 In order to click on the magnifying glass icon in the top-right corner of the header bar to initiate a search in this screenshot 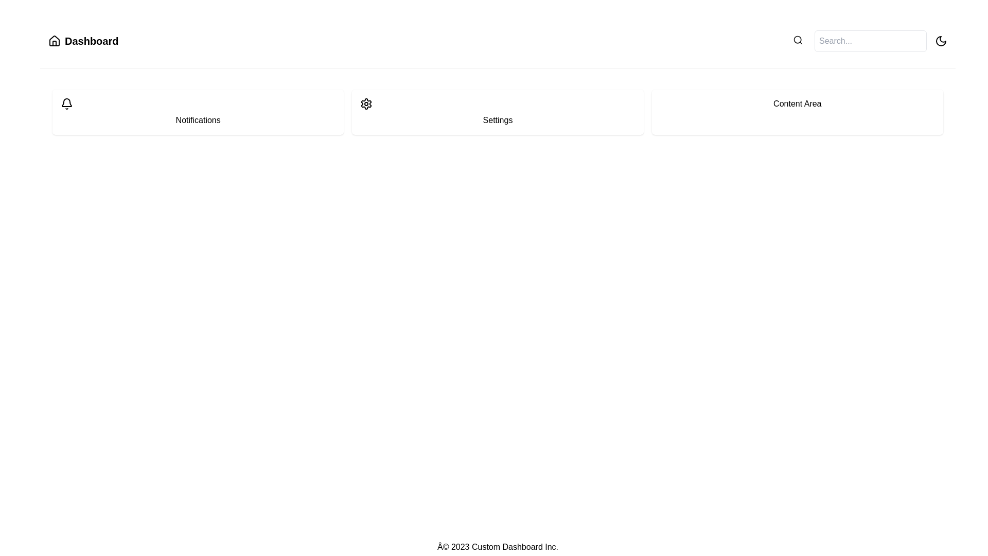, I will do `click(797, 41)`.